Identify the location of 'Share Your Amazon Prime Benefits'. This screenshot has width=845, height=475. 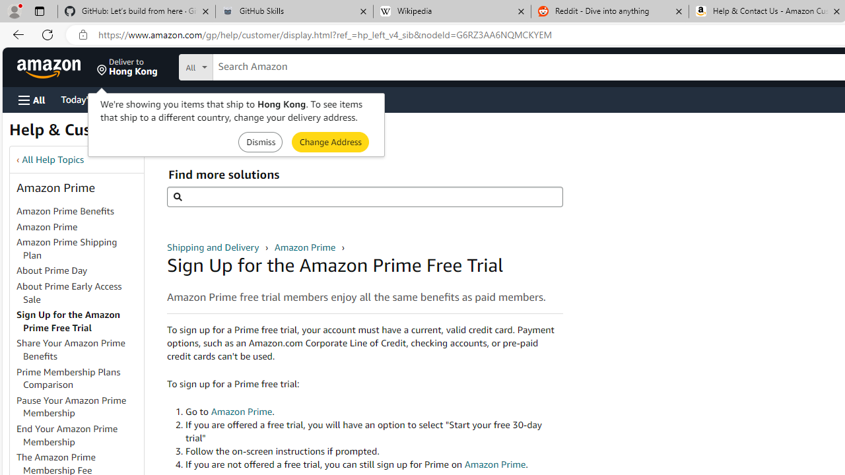
(79, 350).